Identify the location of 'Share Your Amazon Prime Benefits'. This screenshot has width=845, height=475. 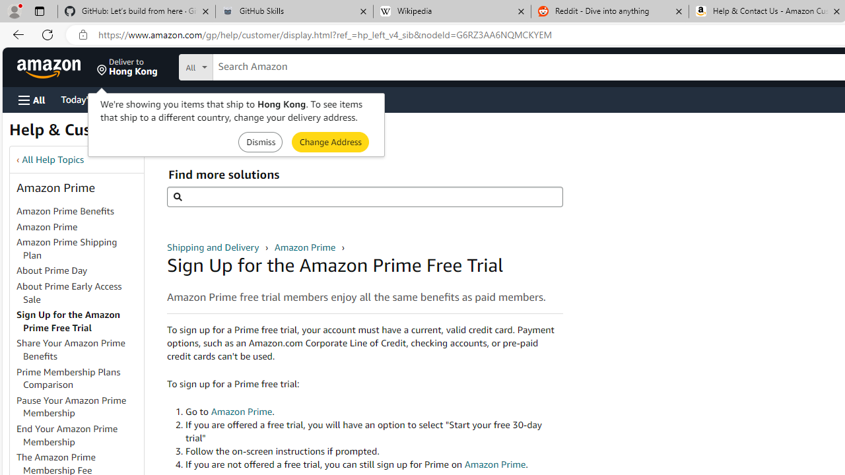
(79, 350).